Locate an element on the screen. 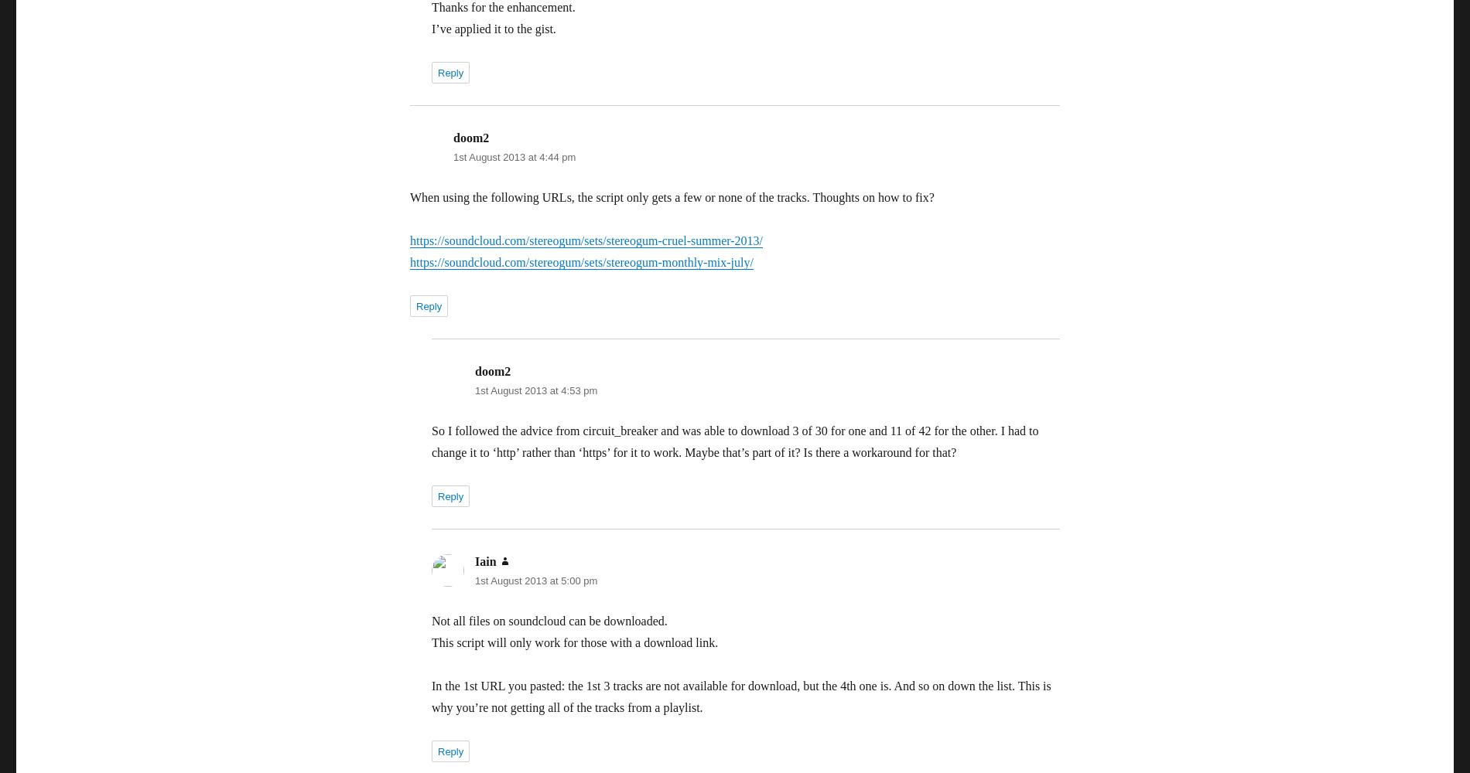  'In the 1st URL you pasted: the 1st 3 tracks are not available for download, but the 4th one is. And so on down the list. This is why you’re not getting all of the tracks from a playlist.' is located at coordinates (432, 696).